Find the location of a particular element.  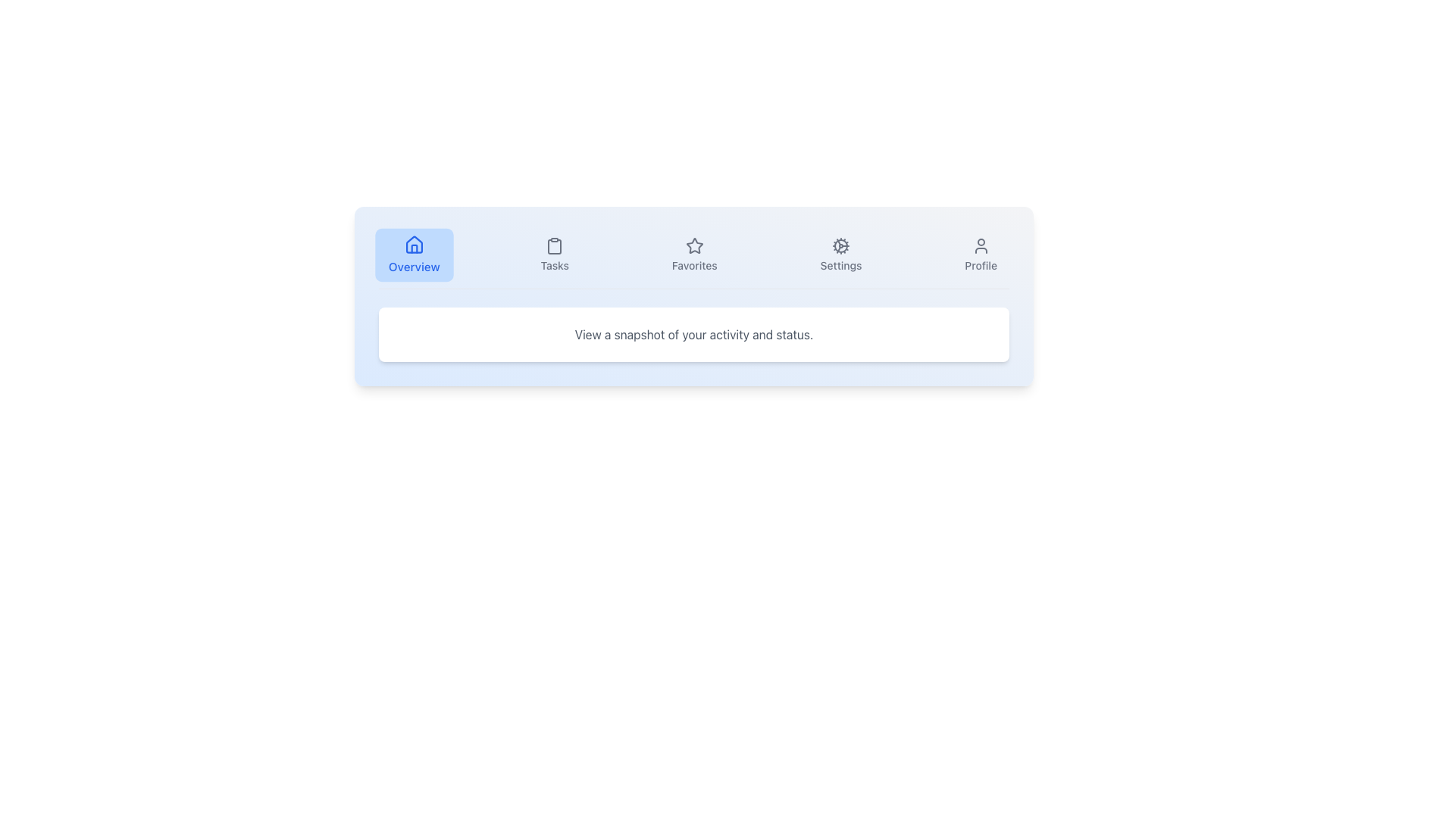

the 'Favorites' text label located beneath the star icon in the navigation bar is located at coordinates (693, 265).